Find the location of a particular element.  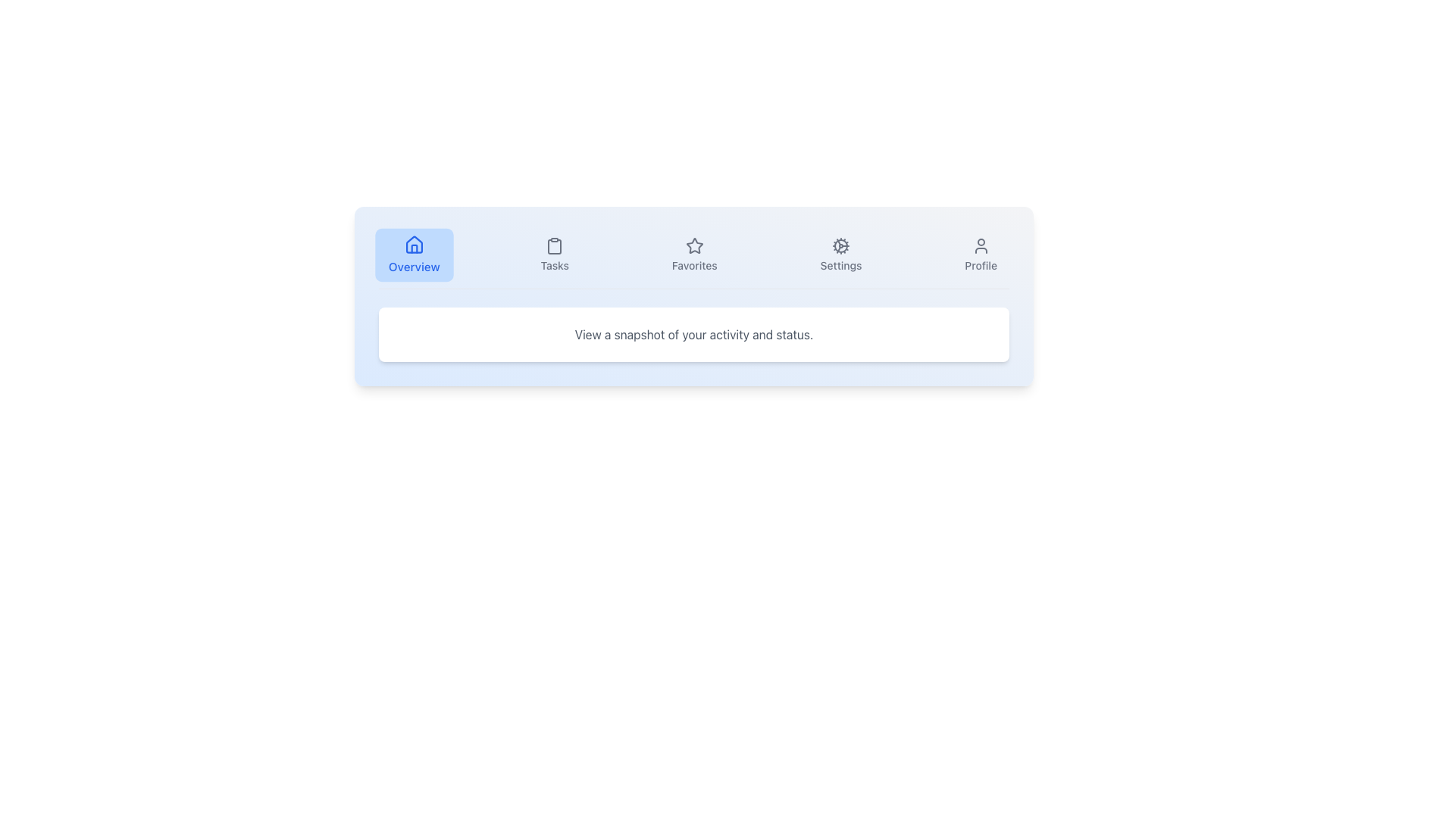

the 'Favorites' text label located beneath the star icon in the navigation bar is located at coordinates (693, 265).